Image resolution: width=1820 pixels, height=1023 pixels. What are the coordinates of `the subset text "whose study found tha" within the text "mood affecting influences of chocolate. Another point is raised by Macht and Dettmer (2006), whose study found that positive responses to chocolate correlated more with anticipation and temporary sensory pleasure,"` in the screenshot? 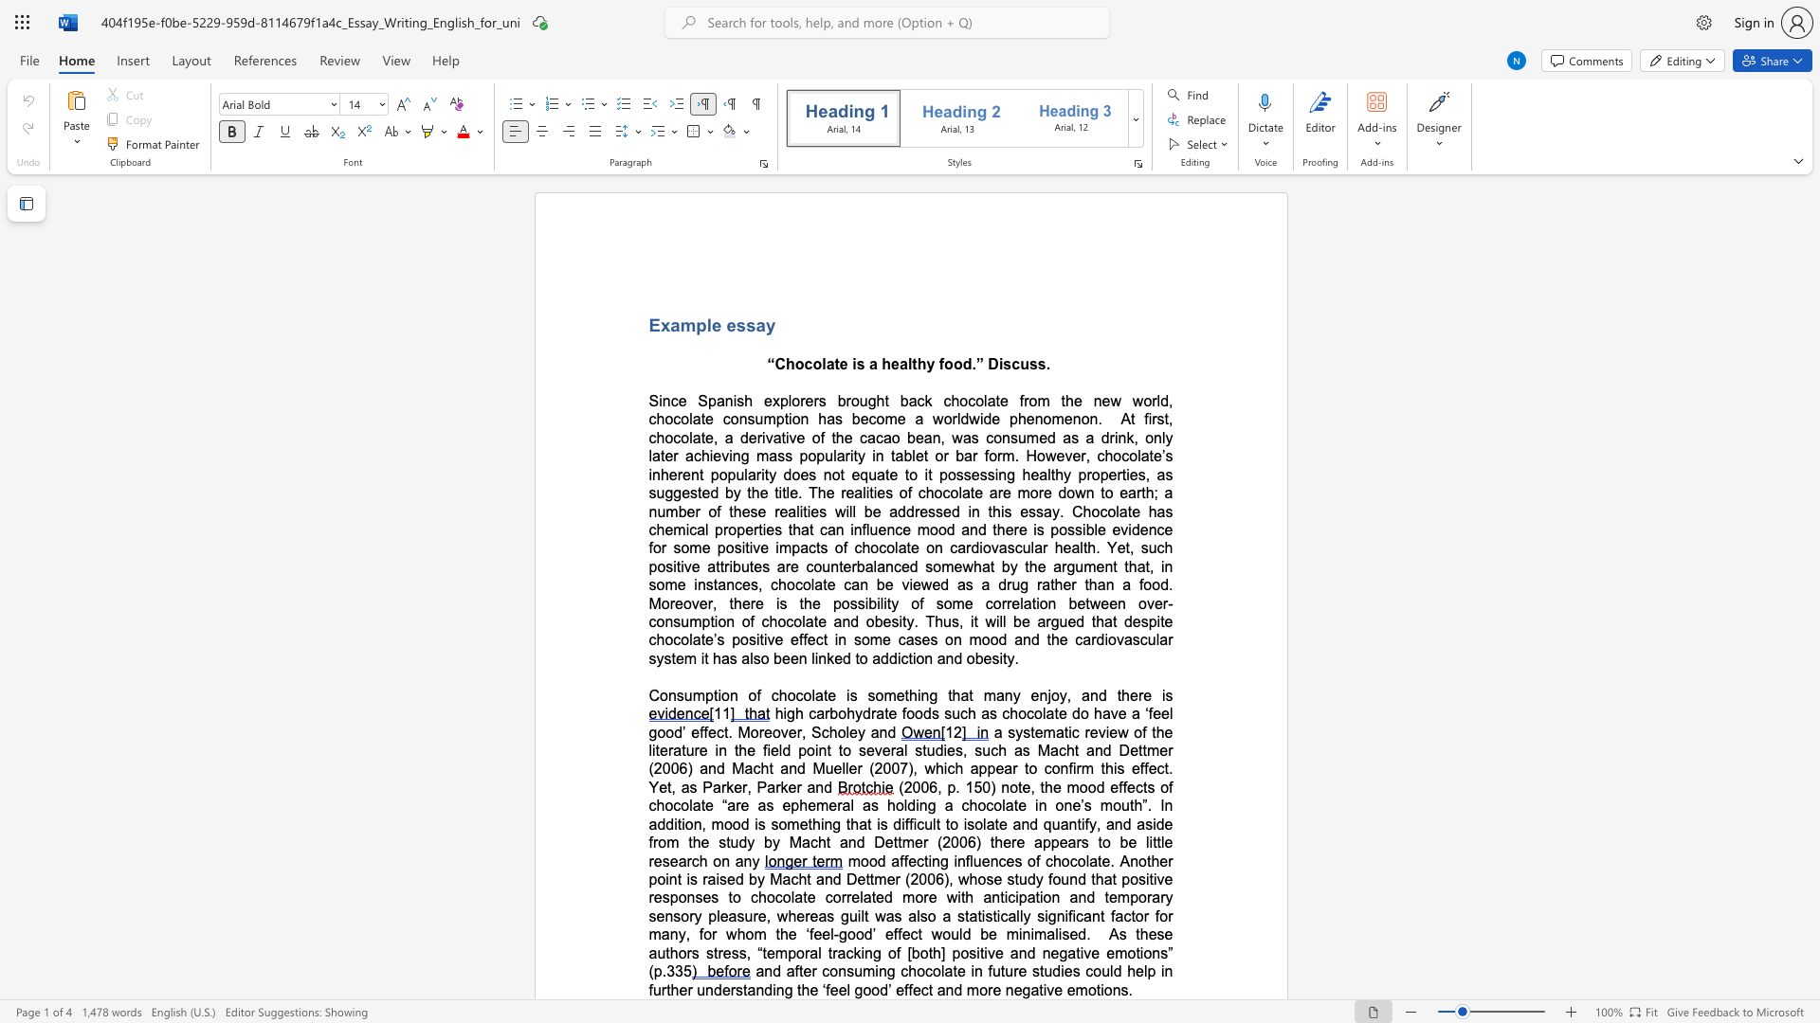 It's located at (958, 879).